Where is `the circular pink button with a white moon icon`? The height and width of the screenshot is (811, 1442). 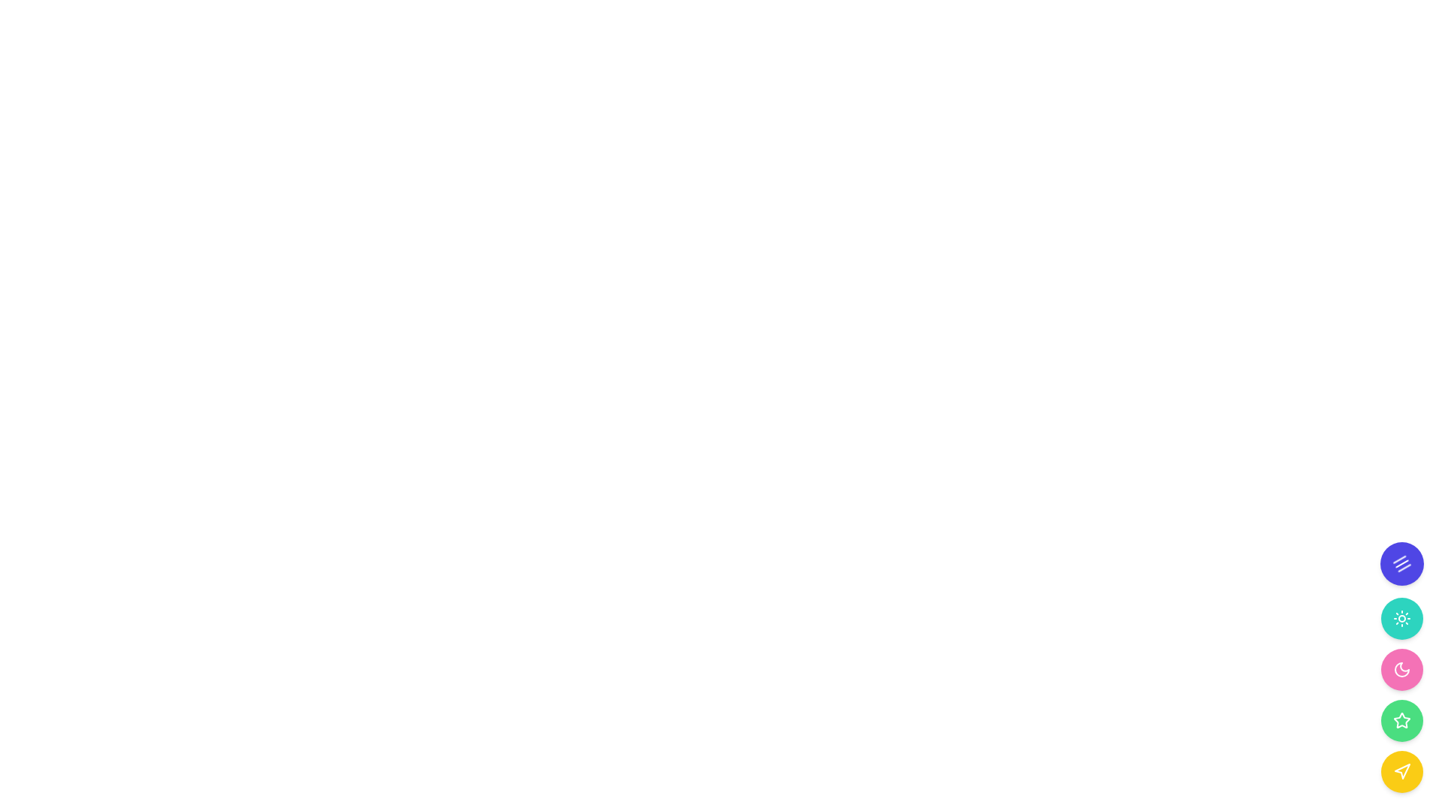 the circular pink button with a white moon icon is located at coordinates (1401, 668).